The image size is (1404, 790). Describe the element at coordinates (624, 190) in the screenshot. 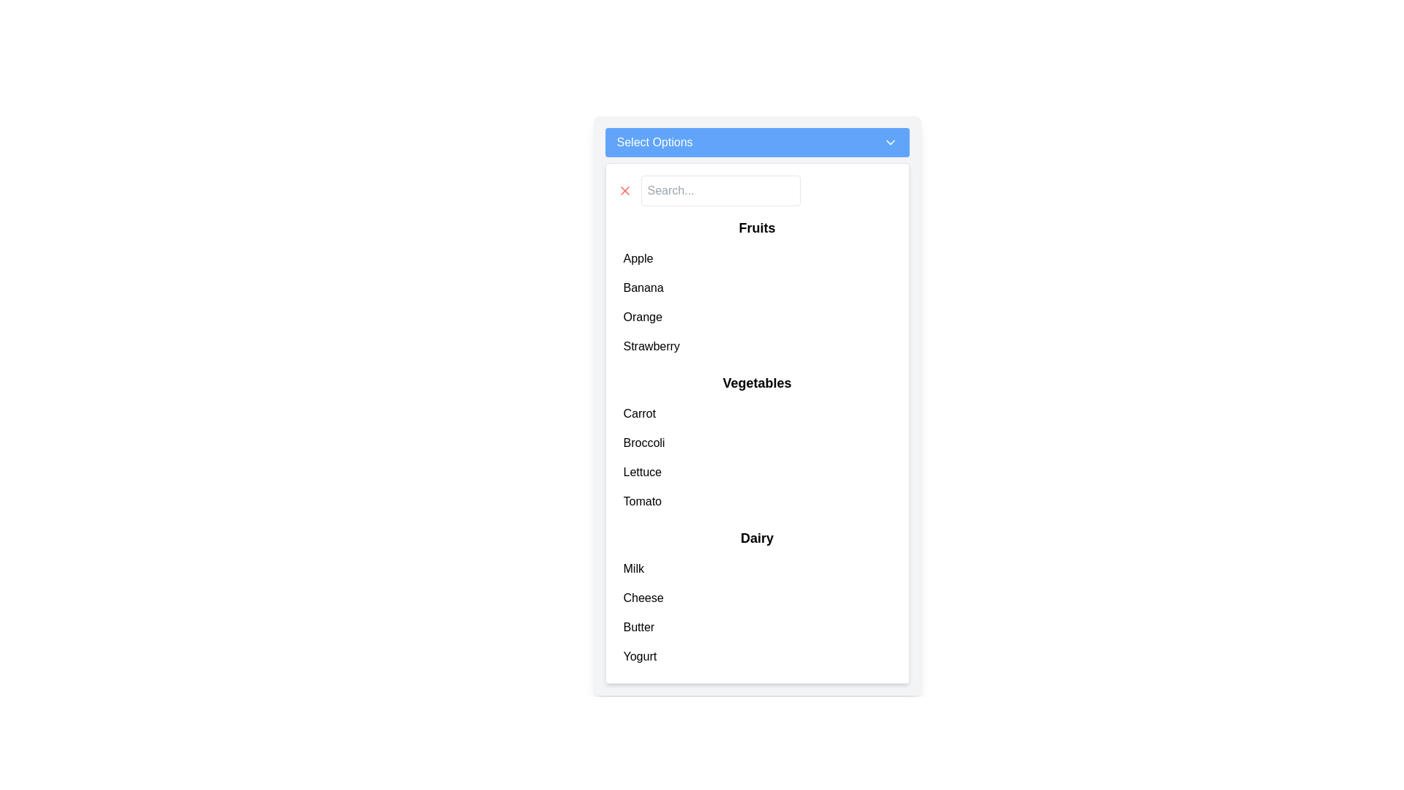

I see `the clear icon button located at the leftmost position of the horizontal row containing the search field` at that location.